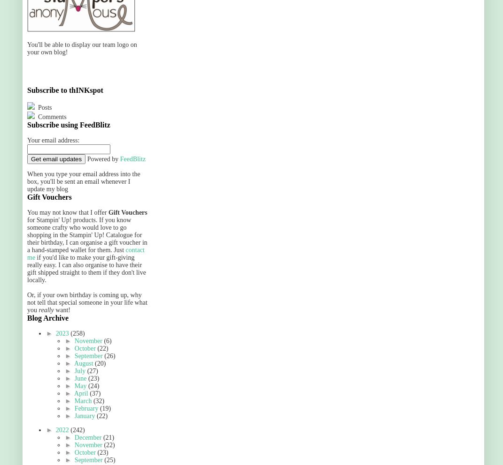 Image resolution: width=503 pixels, height=465 pixels. What do you see at coordinates (108, 437) in the screenshot?
I see `'(21)'` at bounding box center [108, 437].